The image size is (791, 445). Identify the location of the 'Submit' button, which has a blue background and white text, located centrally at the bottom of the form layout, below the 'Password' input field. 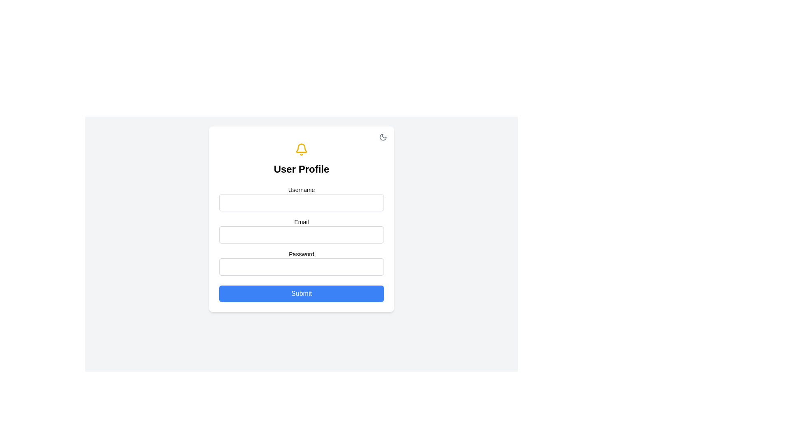
(301, 293).